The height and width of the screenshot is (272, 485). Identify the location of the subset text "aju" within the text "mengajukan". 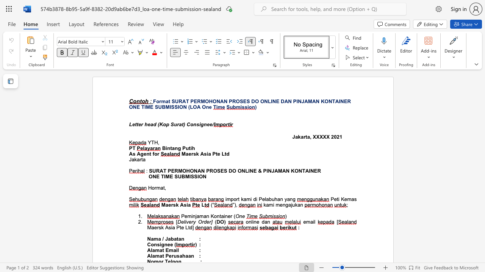
(288, 205).